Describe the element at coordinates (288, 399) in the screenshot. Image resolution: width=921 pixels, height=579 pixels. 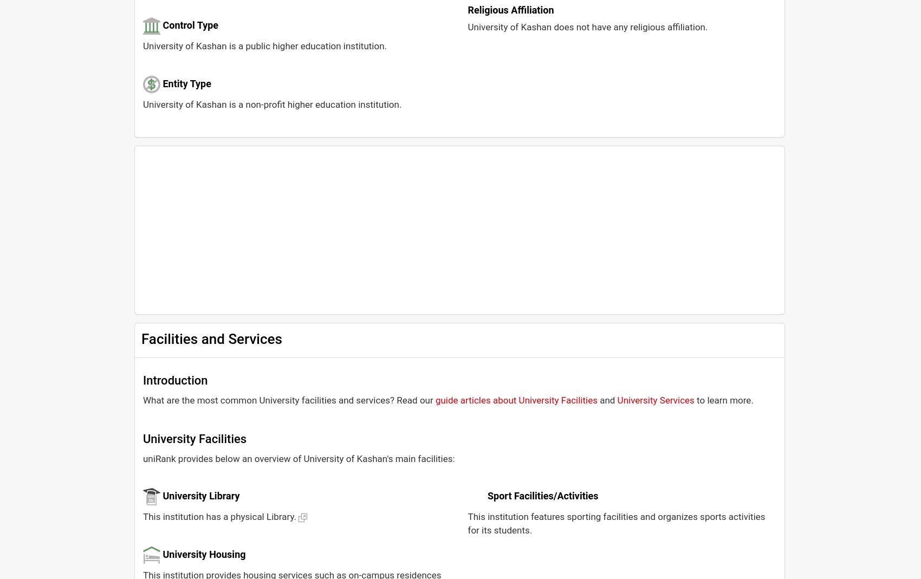
I see `'What are the most common University facilities and services? Read our'` at that location.